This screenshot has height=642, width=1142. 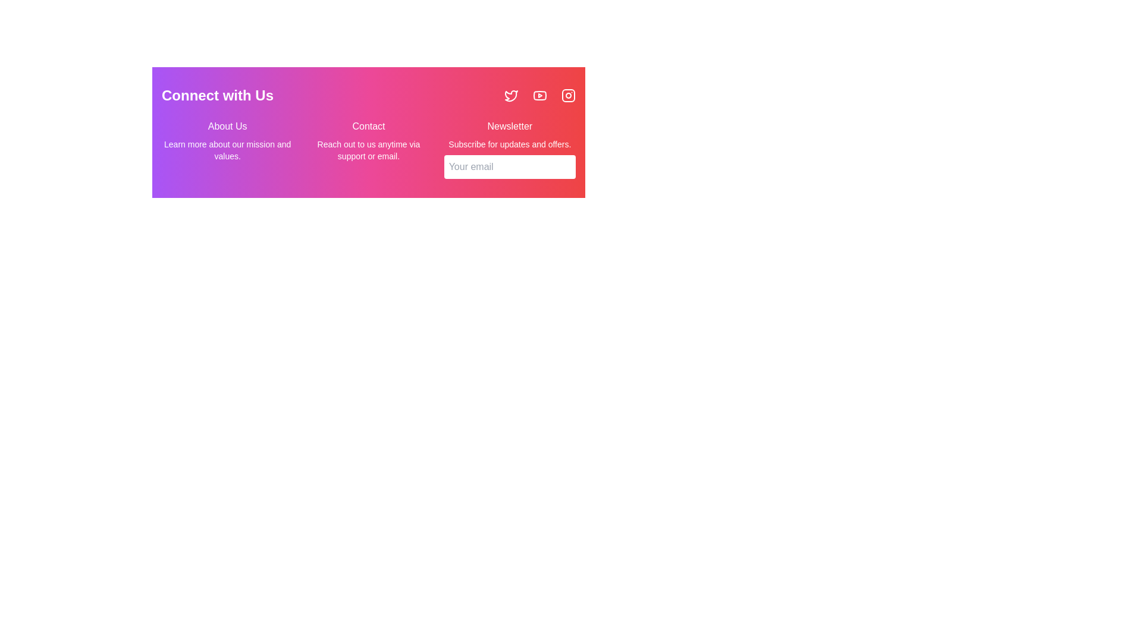 I want to click on the static text that states 'Reach out to us anytime via support or email.' located under the 'Contact' header, centrally positioned between 'About Us' and 'Newsletter' sections, so click(x=368, y=150).